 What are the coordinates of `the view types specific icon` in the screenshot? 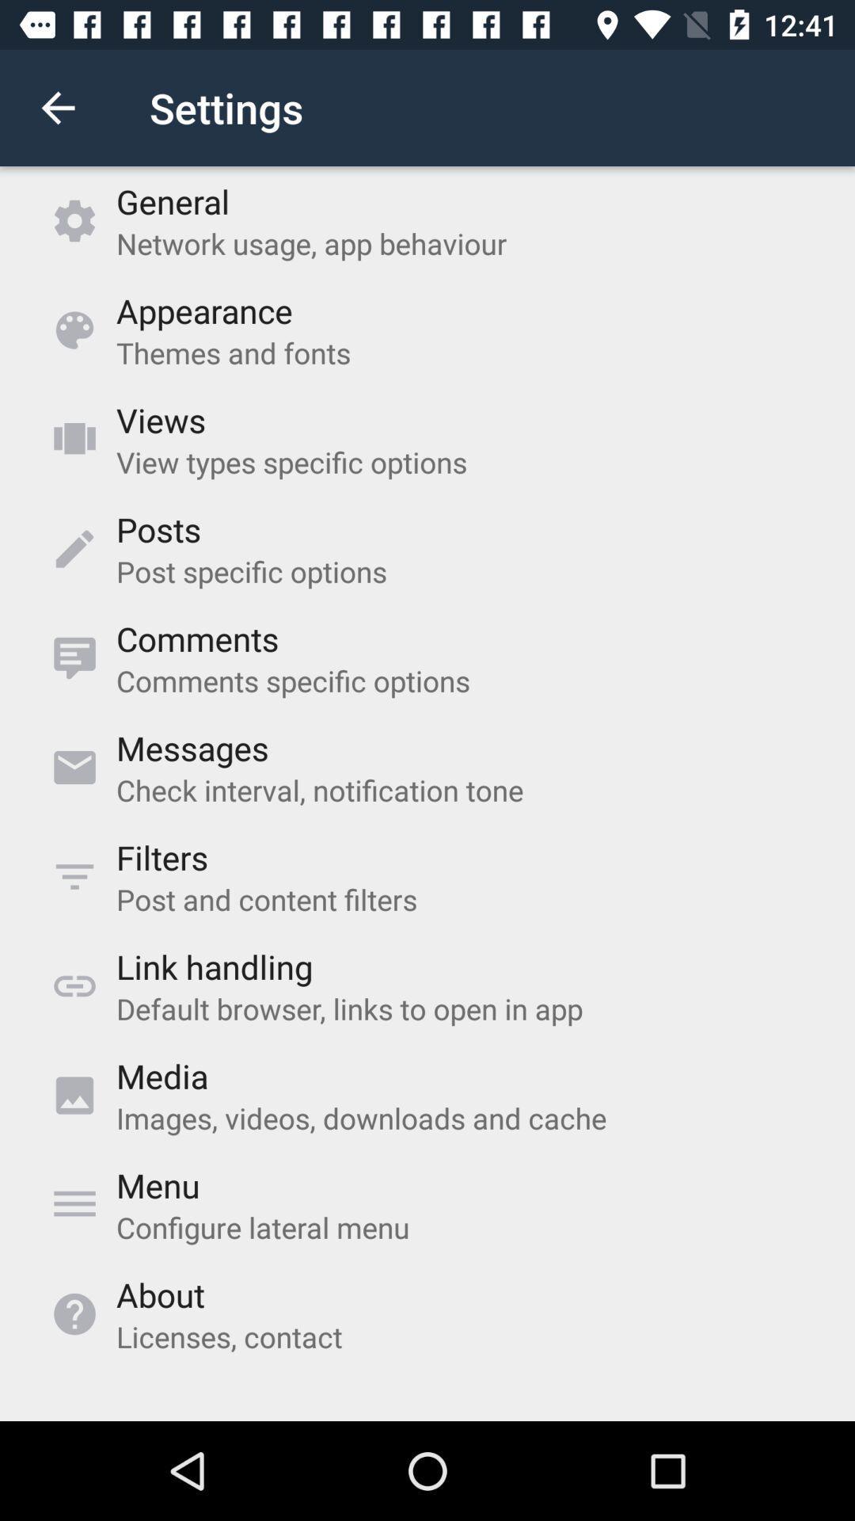 It's located at (291, 461).